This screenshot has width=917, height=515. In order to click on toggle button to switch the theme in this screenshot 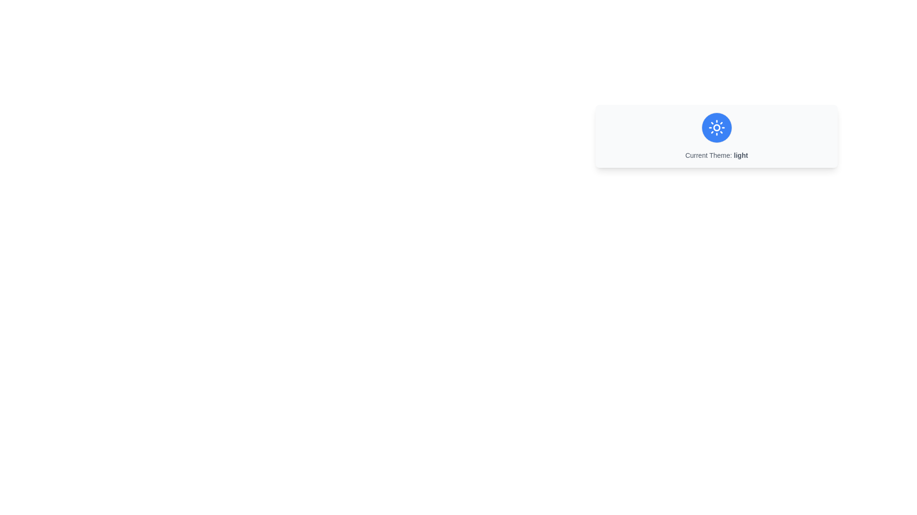, I will do `click(716, 127)`.